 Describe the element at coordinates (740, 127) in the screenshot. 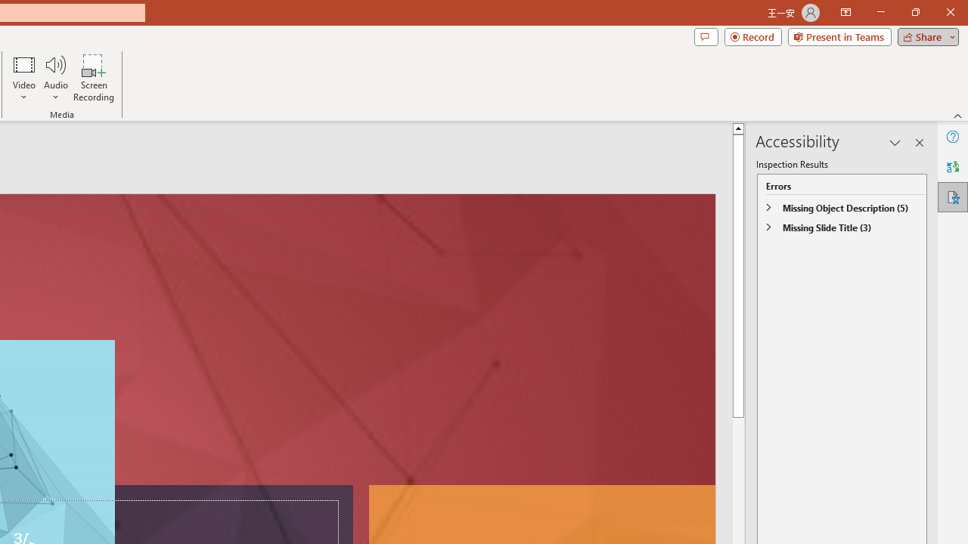

I see `'Line up'` at that location.